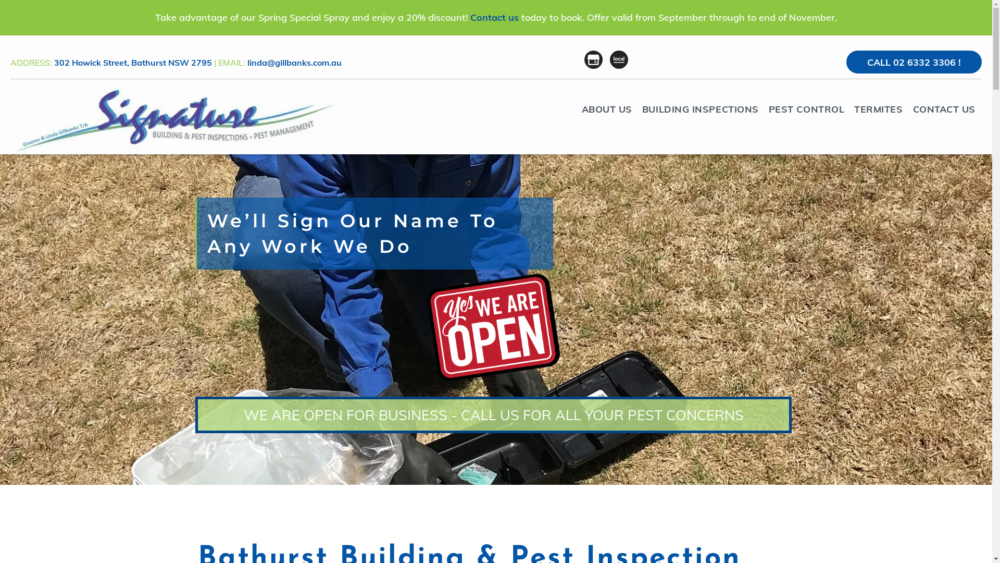 The height and width of the screenshot is (563, 1000). Describe the element at coordinates (637, 108) in the screenshot. I see `'BUILDING INSPECTIONS'` at that location.